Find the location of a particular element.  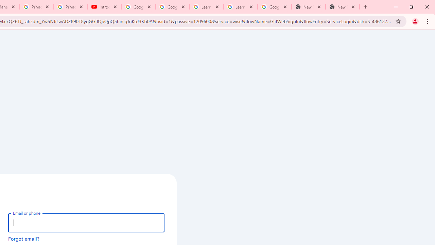

'Google Account Help' is located at coordinates (173, 7).